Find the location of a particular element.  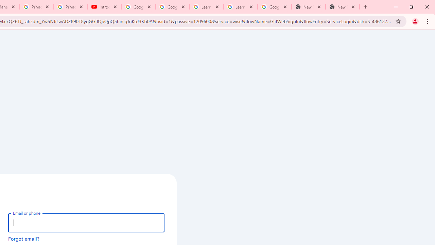

'Google Account Help' is located at coordinates (173, 7).